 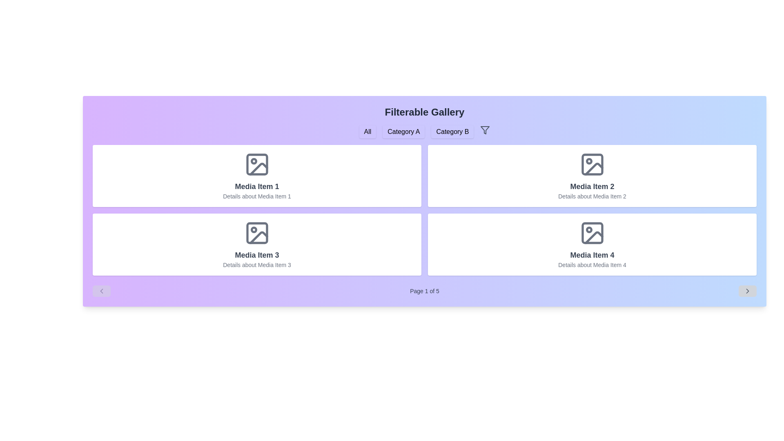 What do you see at coordinates (592, 244) in the screenshot?
I see `the 'Media Item 4' Display card located in the bottom right corner of the grid` at bounding box center [592, 244].